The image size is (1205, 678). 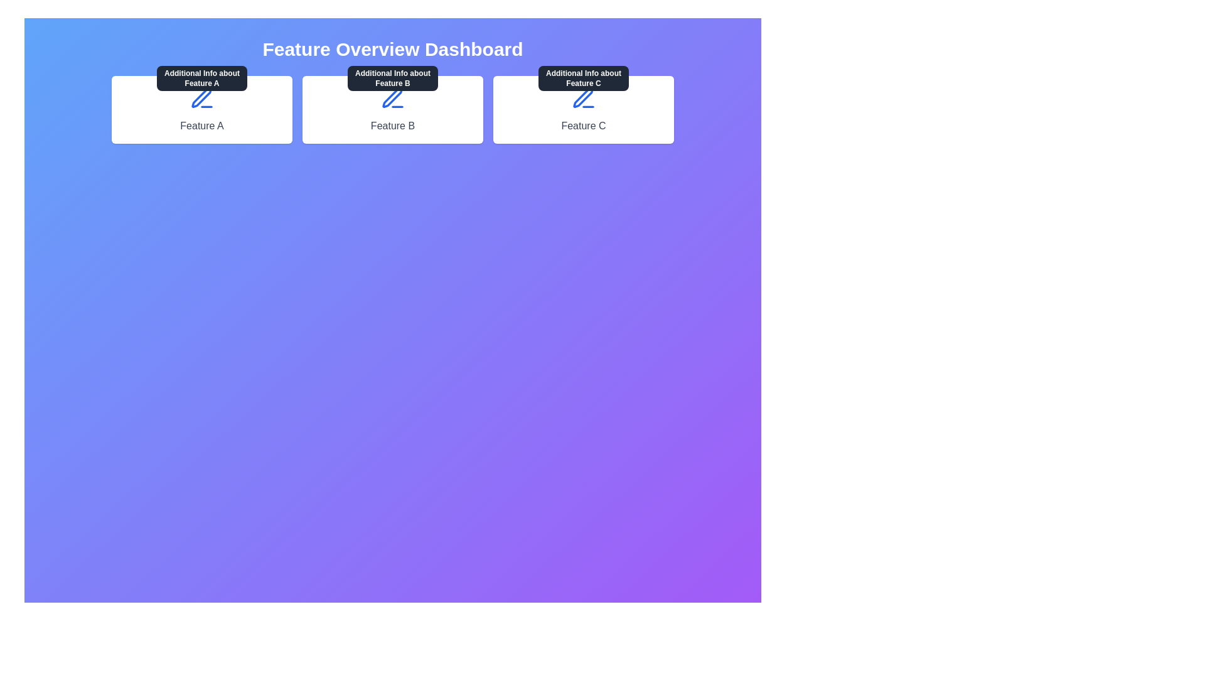 What do you see at coordinates (201, 98) in the screenshot?
I see `the blue pen icon located under the label 'Additional Info about Feature A' in the first card from the left on the top row` at bounding box center [201, 98].